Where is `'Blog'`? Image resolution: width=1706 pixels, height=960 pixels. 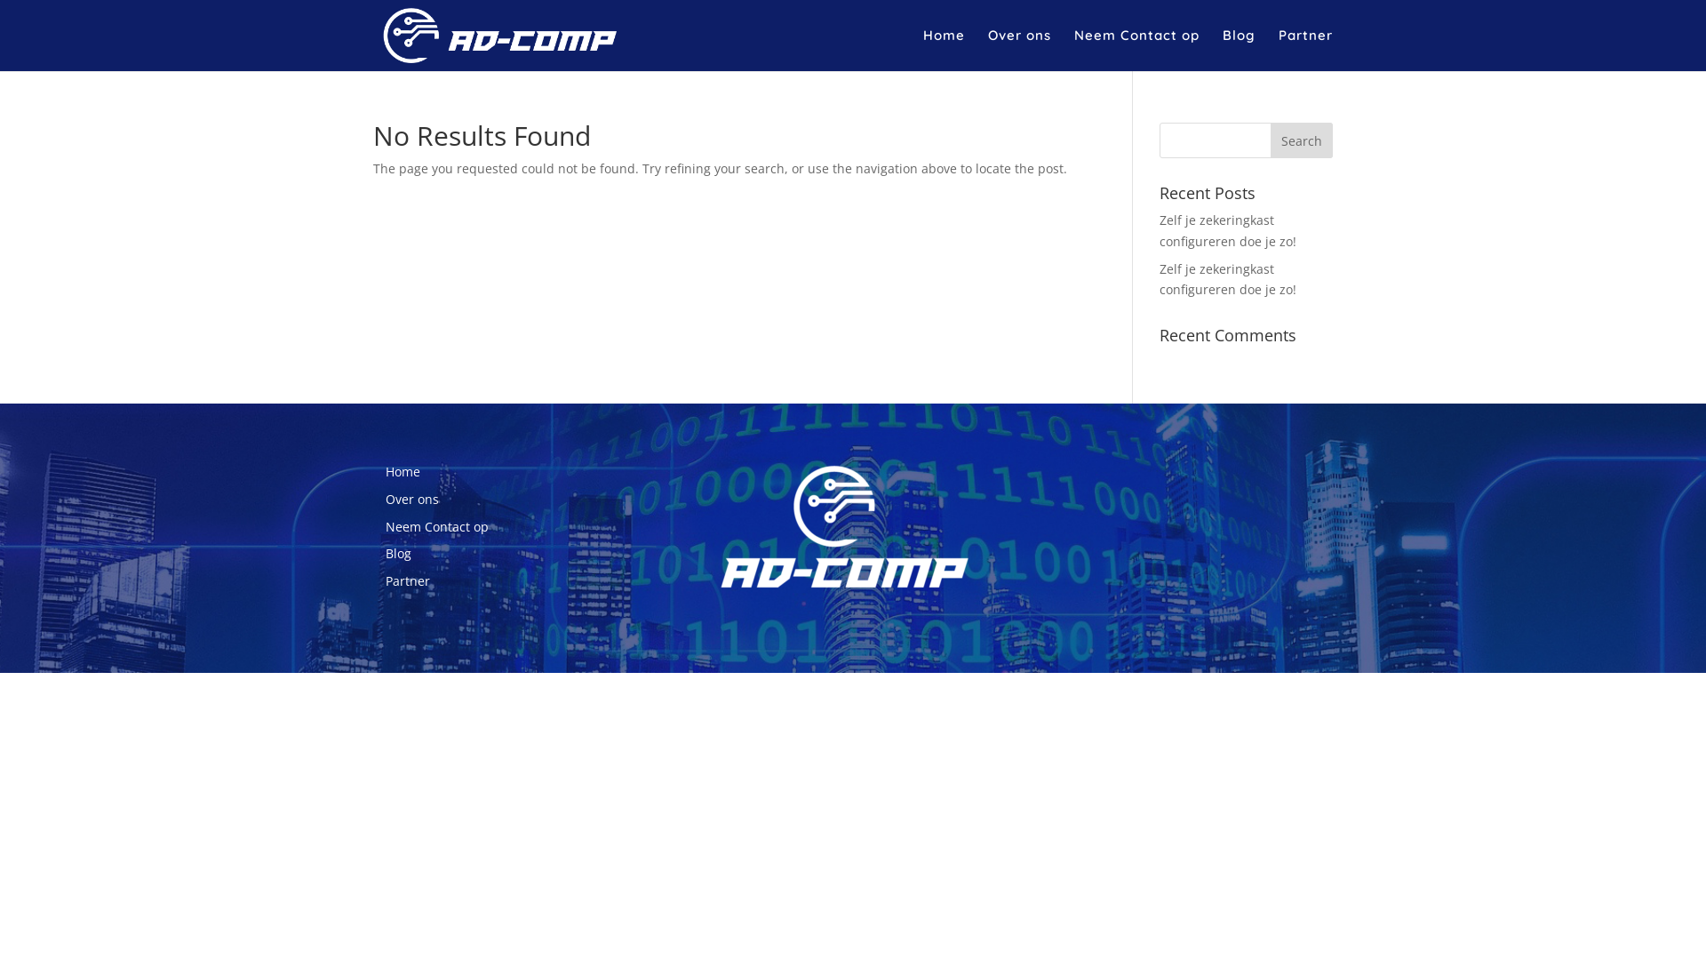 'Blog' is located at coordinates (1238, 49).